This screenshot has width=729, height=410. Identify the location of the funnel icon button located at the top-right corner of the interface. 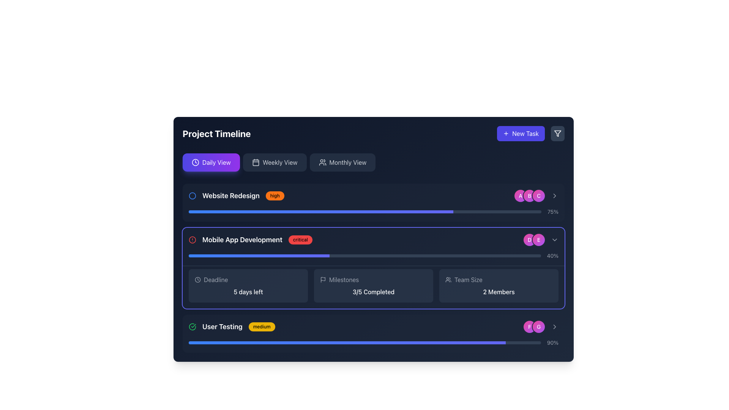
(557, 133).